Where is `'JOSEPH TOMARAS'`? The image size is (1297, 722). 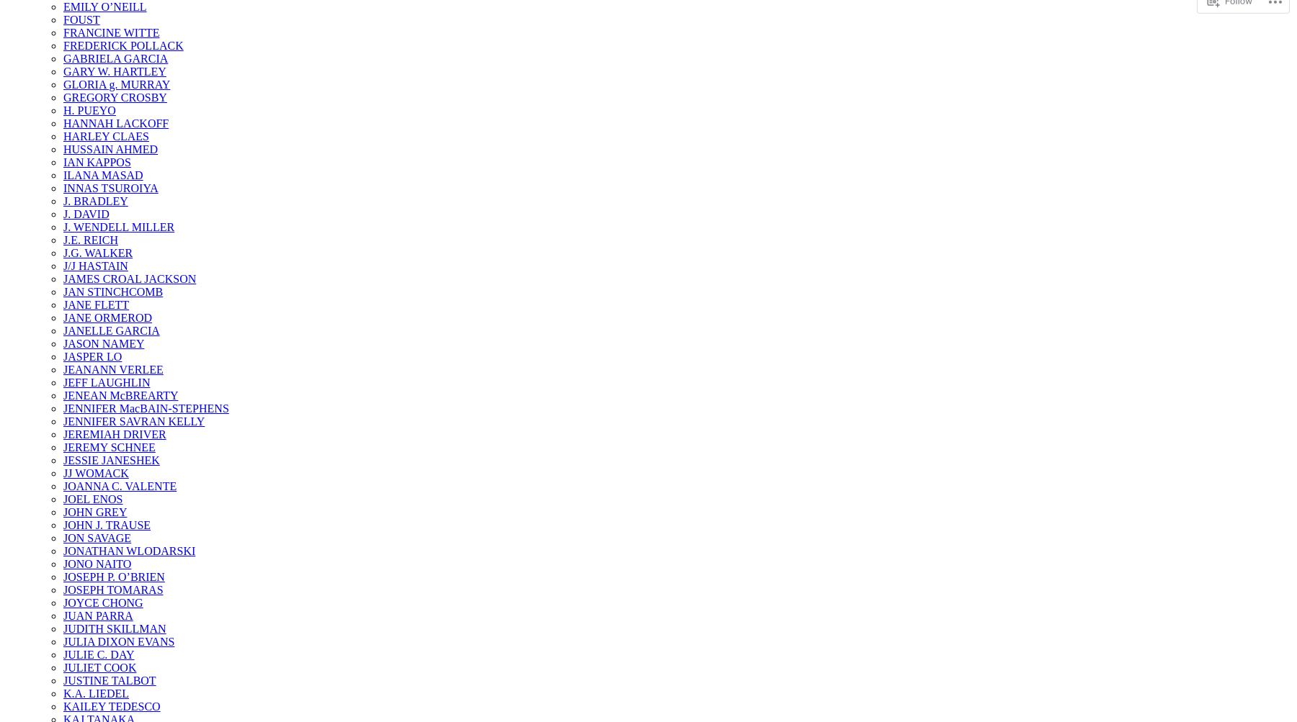
'JOSEPH TOMARAS' is located at coordinates (112, 590).